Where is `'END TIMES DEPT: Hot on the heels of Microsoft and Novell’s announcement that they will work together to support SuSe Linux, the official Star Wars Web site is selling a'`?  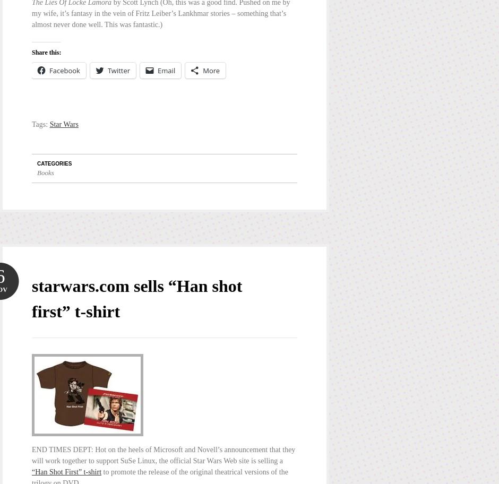
'END TIMES DEPT: Hot on the heels of Microsoft and Novell’s announcement that they will work together to support SuSe Linux, the official Star Wars Web site is selling a' is located at coordinates (31, 455).